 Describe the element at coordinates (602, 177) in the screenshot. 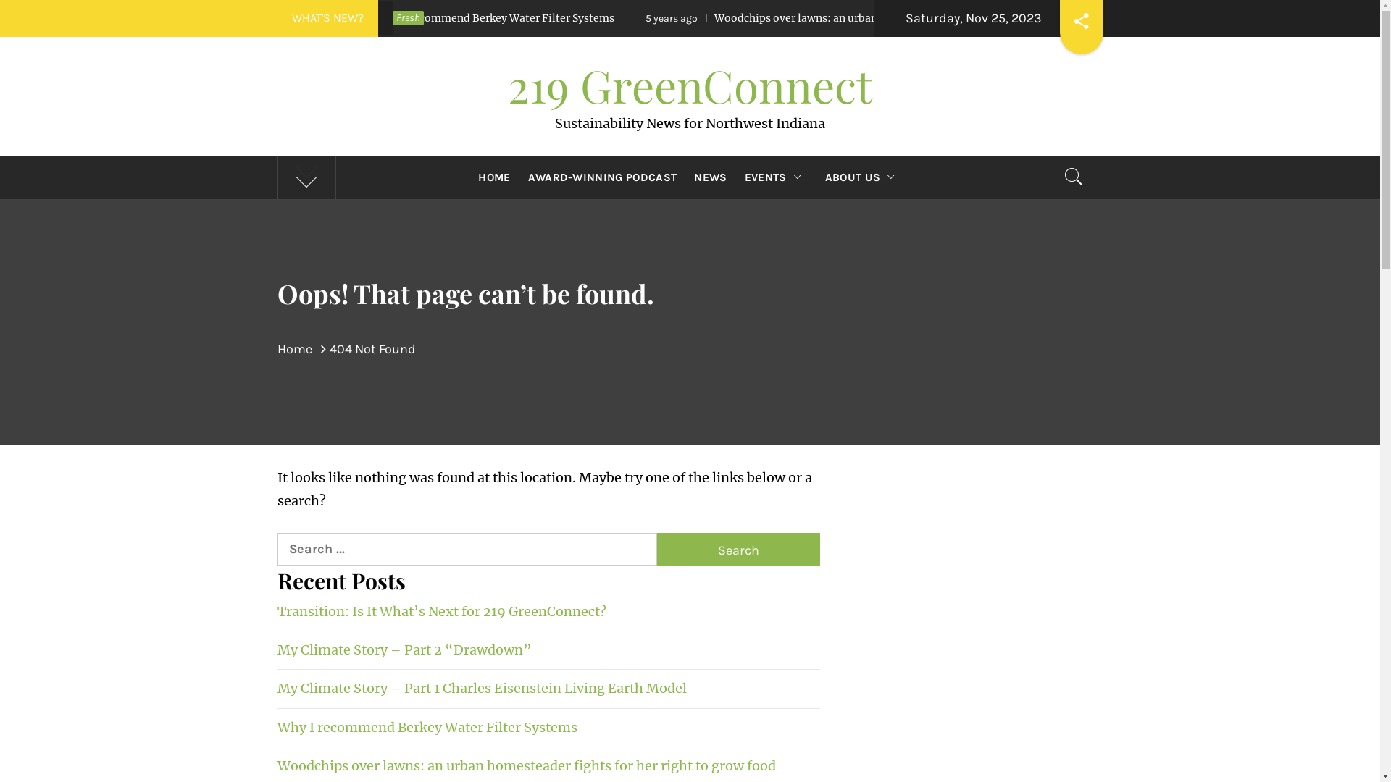

I see `'AWARD-WINNING PODCAST'` at that location.